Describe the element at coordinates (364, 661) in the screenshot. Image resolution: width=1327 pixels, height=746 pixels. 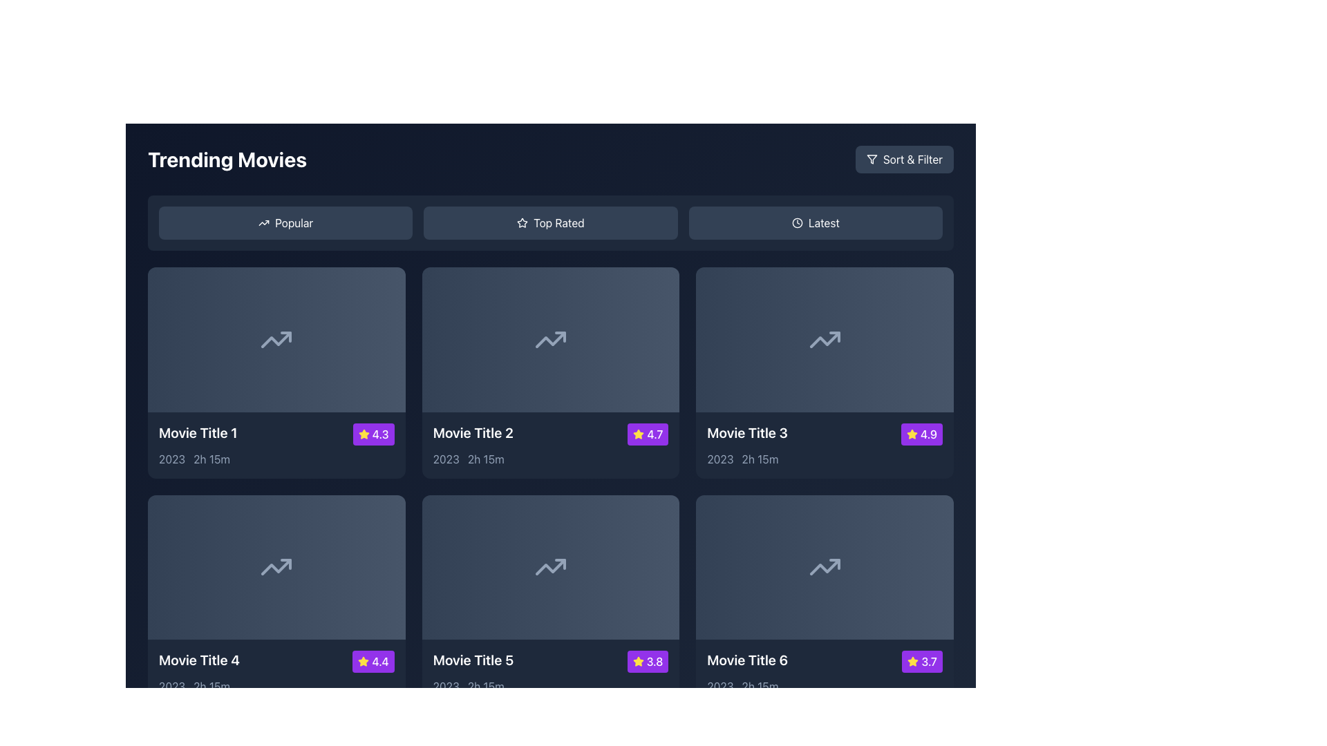
I see `the star-shaped icon in the bottom-left corner of the movie card, which indicates a rating of '4.4' and is set against a purple background` at that location.